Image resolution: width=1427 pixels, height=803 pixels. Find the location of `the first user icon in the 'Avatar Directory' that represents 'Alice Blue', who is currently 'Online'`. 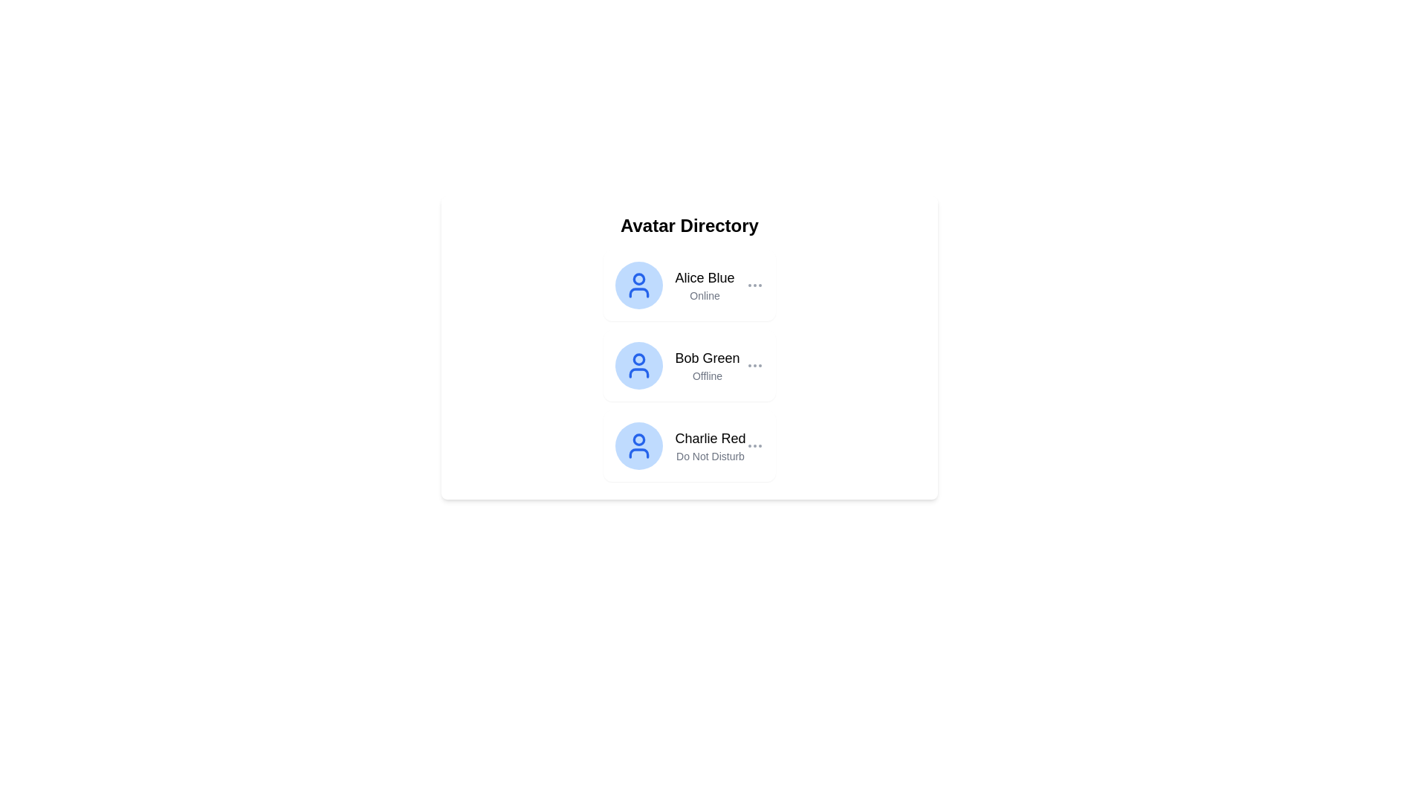

the first user icon in the 'Avatar Directory' that represents 'Alice Blue', who is currently 'Online' is located at coordinates (639, 286).